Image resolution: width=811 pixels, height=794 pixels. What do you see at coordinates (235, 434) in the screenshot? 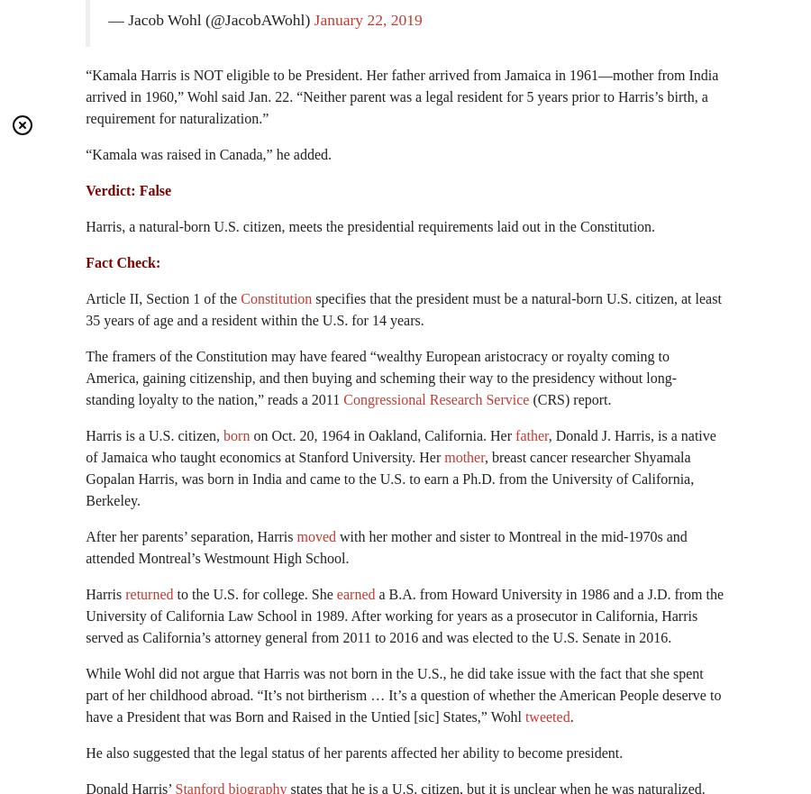
I see `'born'` at bounding box center [235, 434].